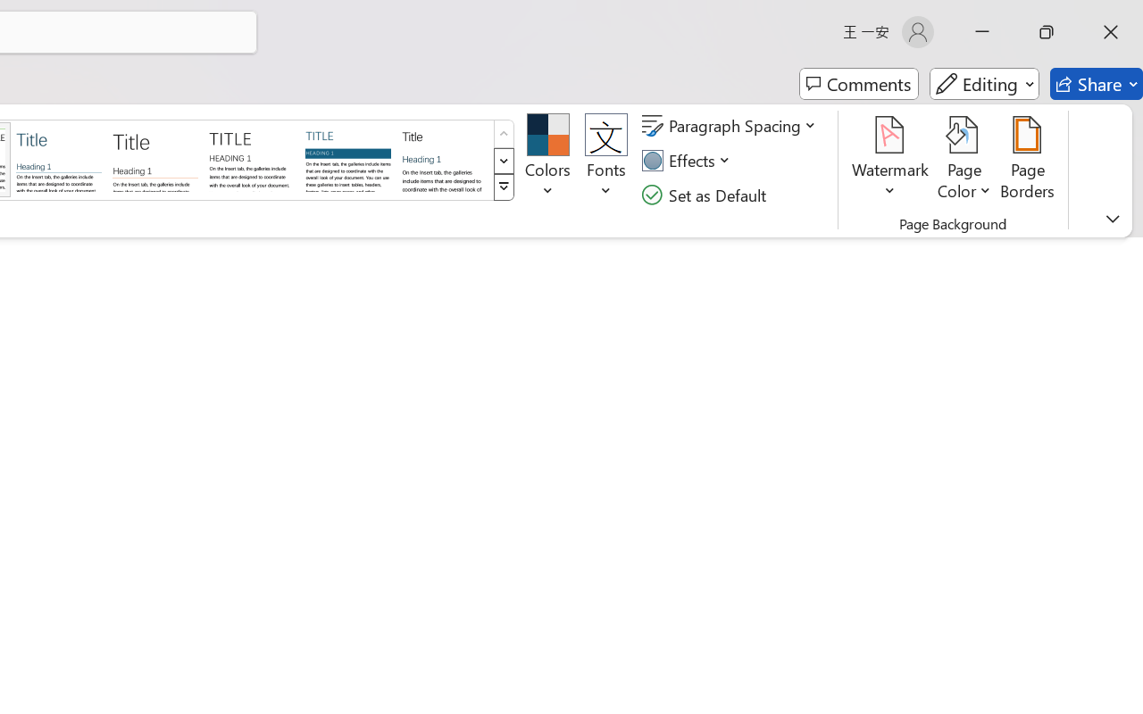 The width and height of the screenshot is (1143, 714). What do you see at coordinates (890, 160) in the screenshot?
I see `'Watermark'` at bounding box center [890, 160].